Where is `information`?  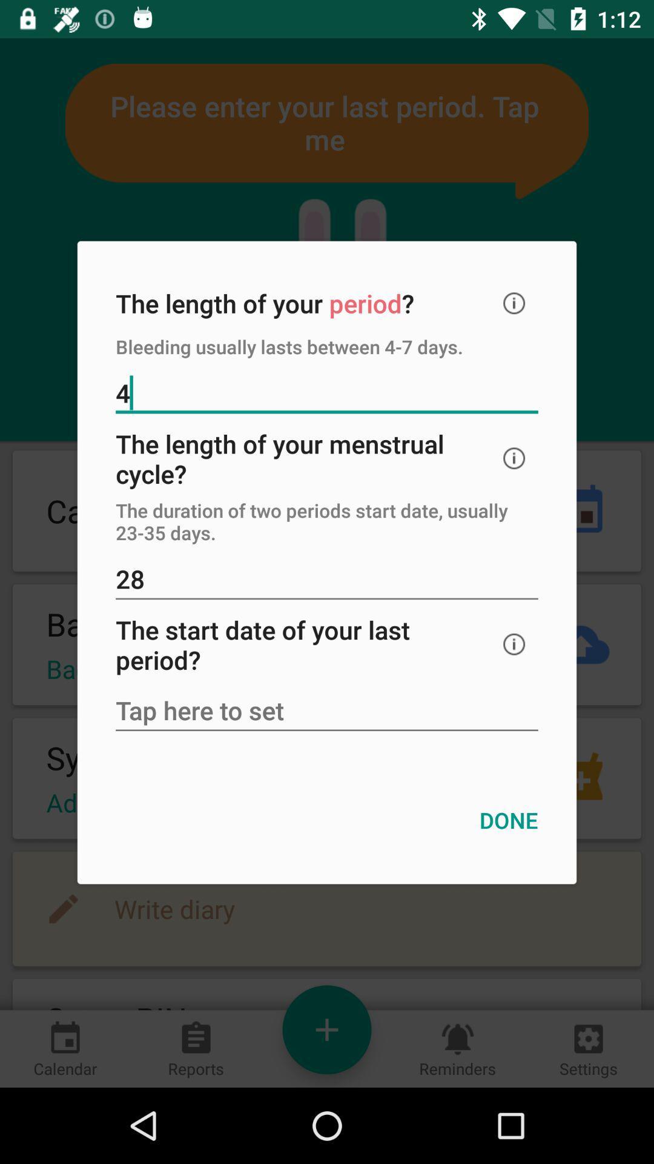 information is located at coordinates (514, 303).